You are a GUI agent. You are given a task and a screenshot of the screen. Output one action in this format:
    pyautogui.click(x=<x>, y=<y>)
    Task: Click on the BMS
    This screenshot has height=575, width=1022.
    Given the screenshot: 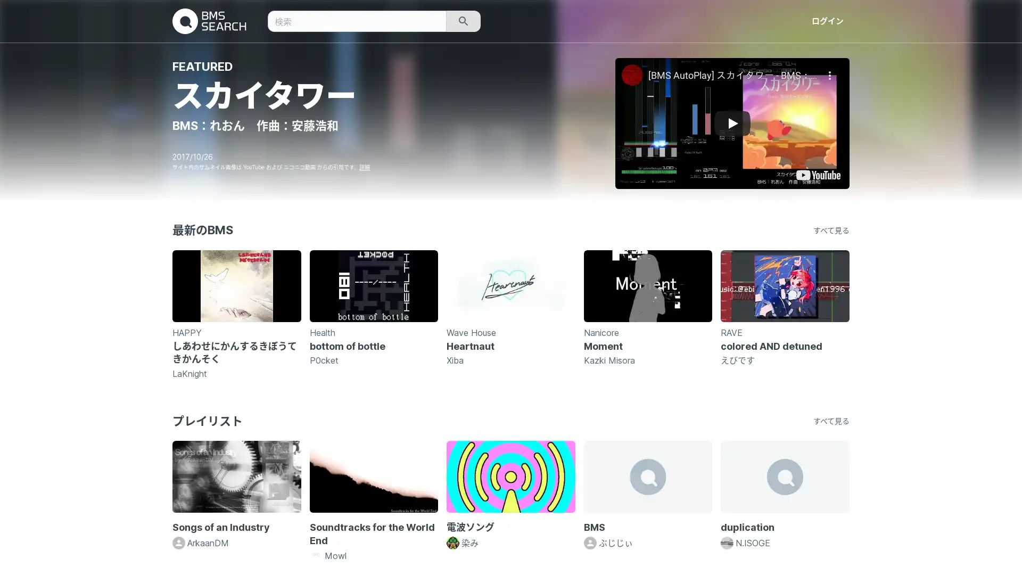 What is the action you would take?
    pyautogui.click(x=647, y=495)
    